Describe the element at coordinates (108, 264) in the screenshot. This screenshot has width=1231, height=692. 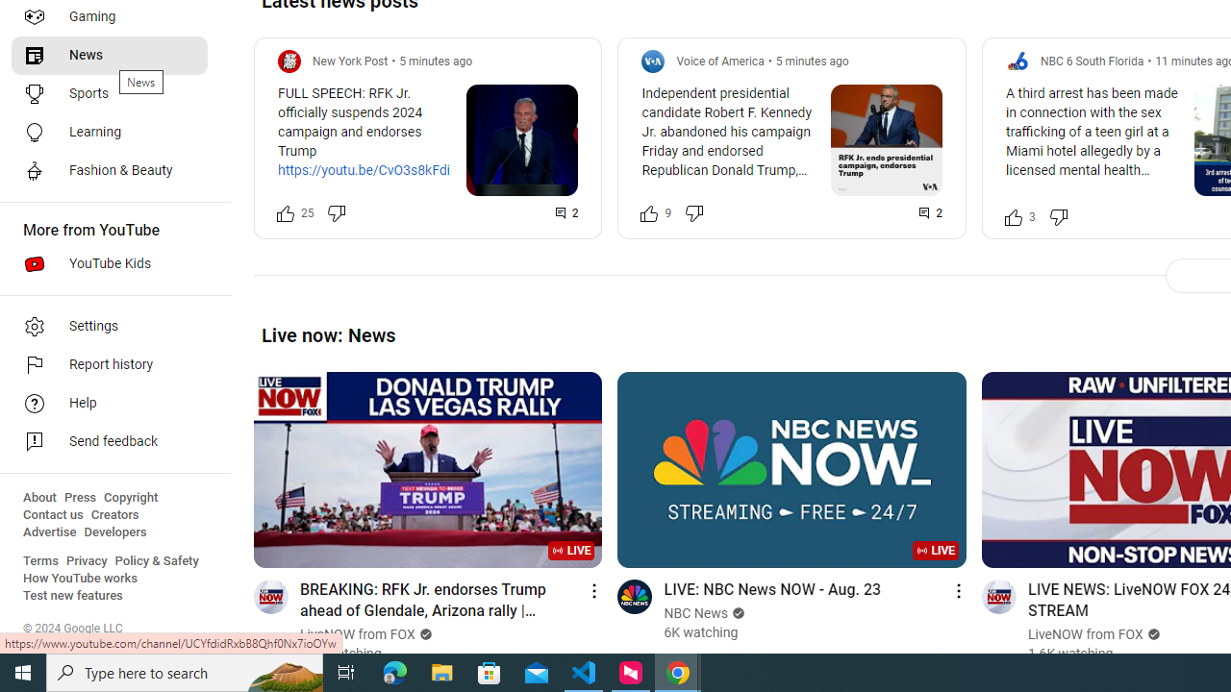
I see `'YouTube Kids'` at that location.